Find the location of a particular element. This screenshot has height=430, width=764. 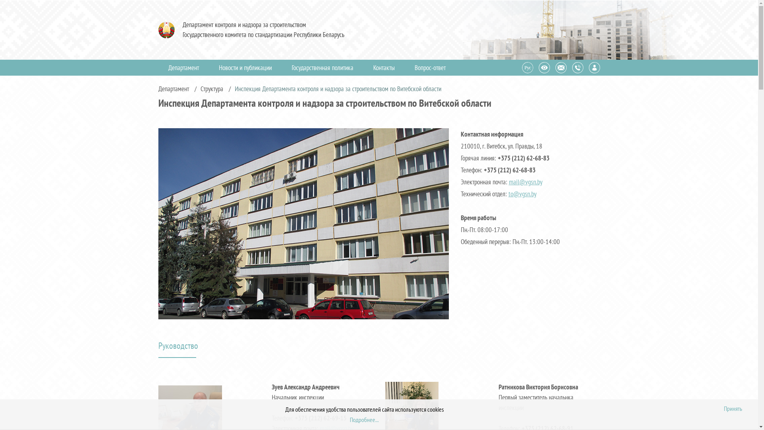

'to@vgsn.by' is located at coordinates (522, 193).